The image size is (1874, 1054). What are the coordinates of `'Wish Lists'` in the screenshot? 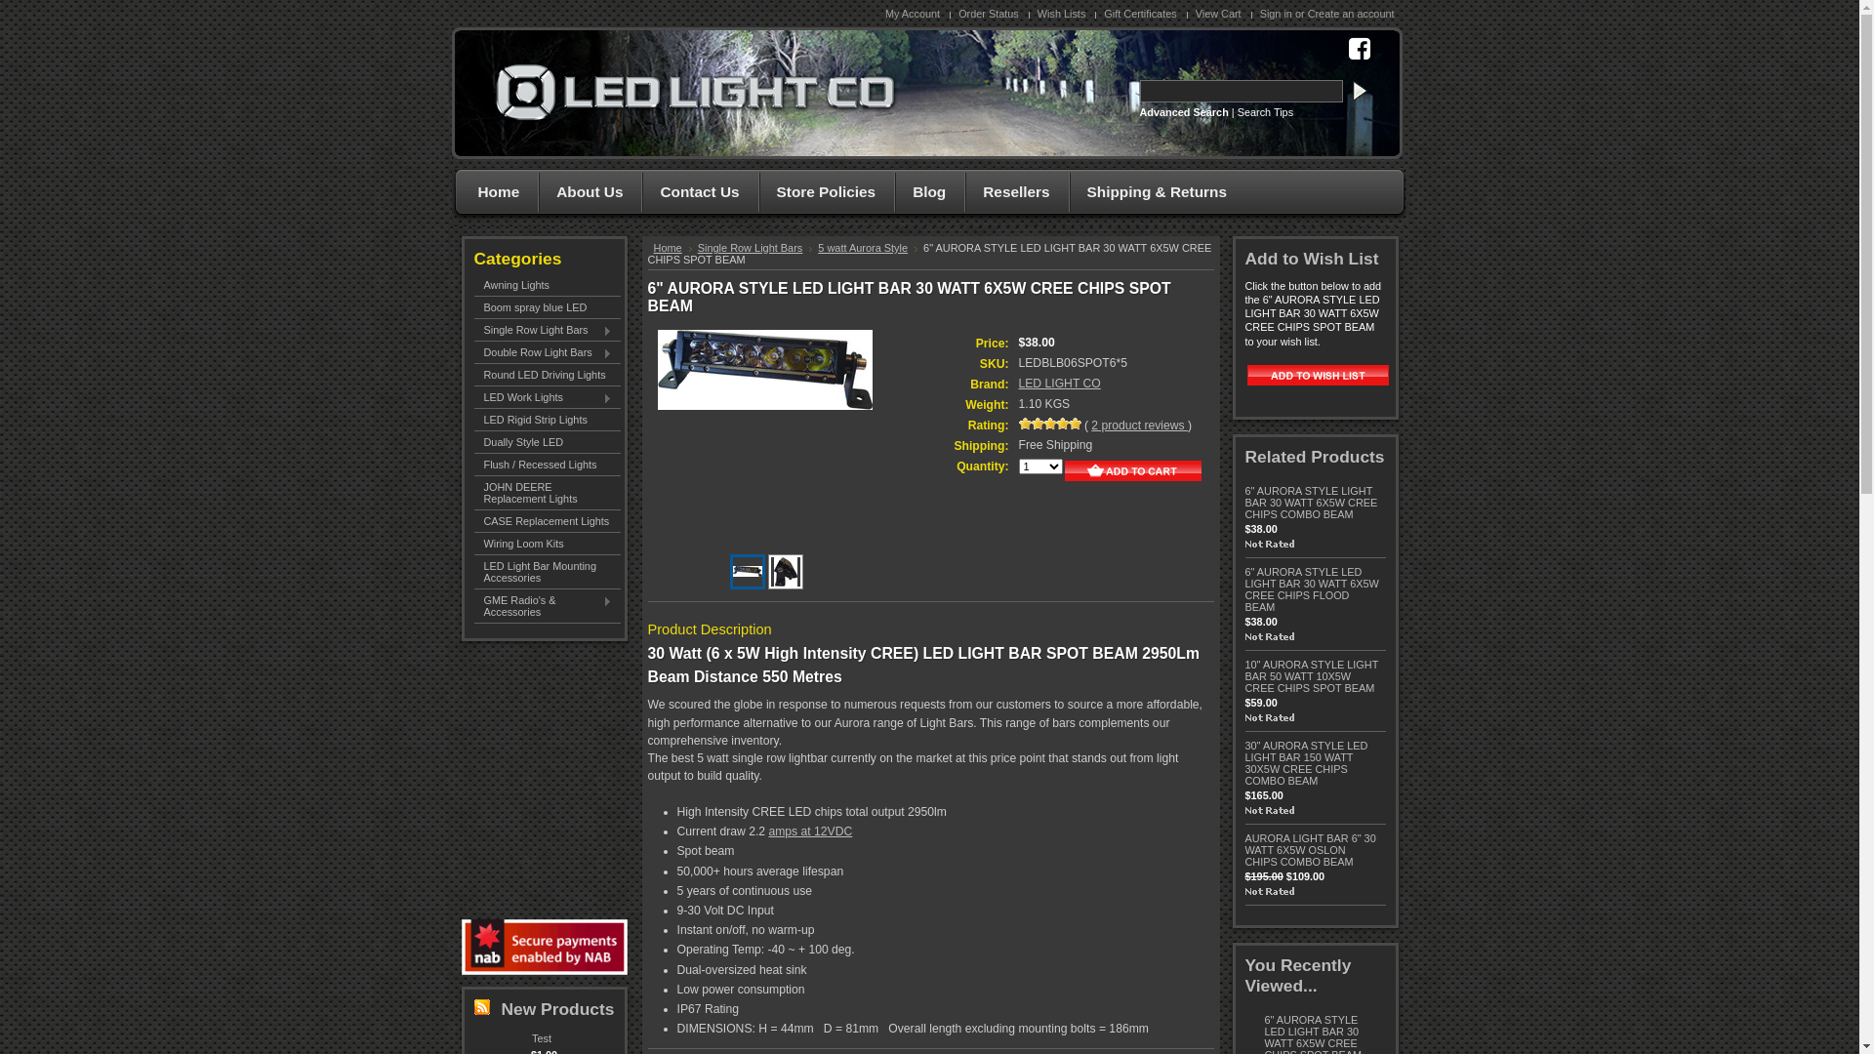 It's located at (1063, 14).